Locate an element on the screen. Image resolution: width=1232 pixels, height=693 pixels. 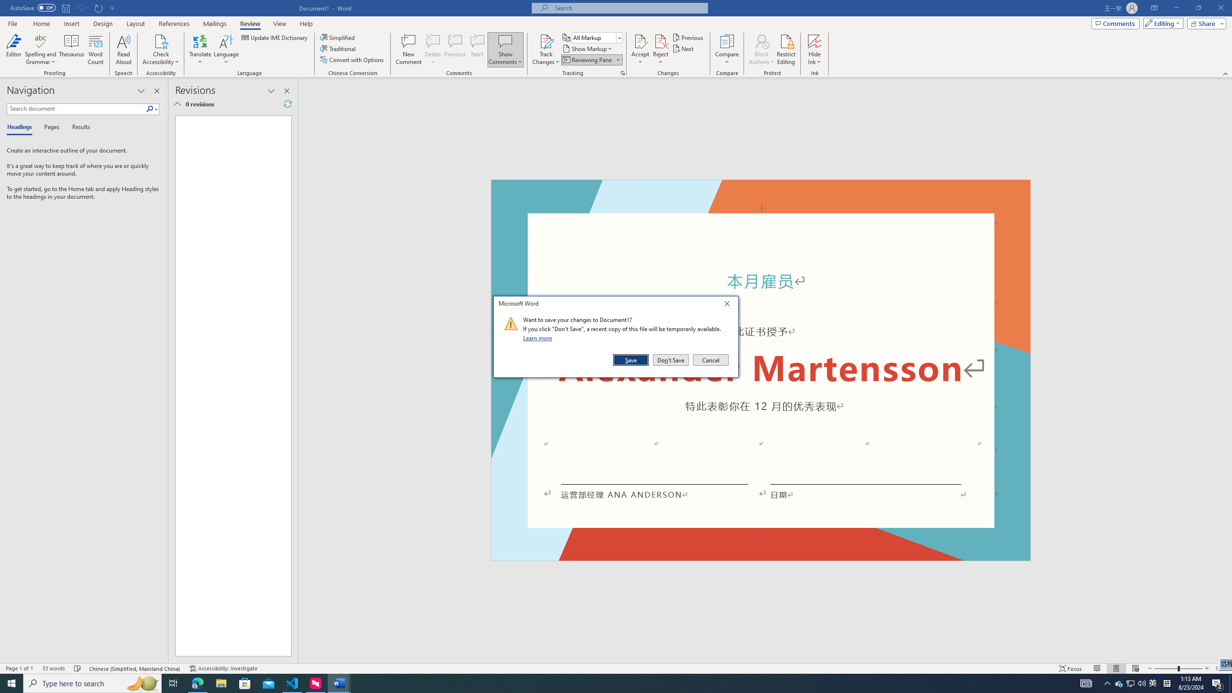
'Notification Chevron' is located at coordinates (1107, 682).